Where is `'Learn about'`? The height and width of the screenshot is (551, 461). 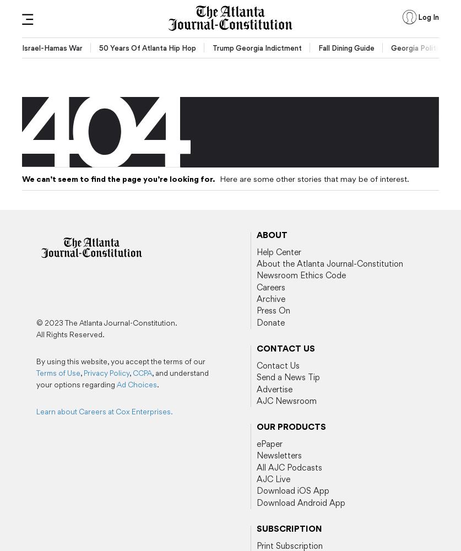 'Learn about' is located at coordinates (57, 411).